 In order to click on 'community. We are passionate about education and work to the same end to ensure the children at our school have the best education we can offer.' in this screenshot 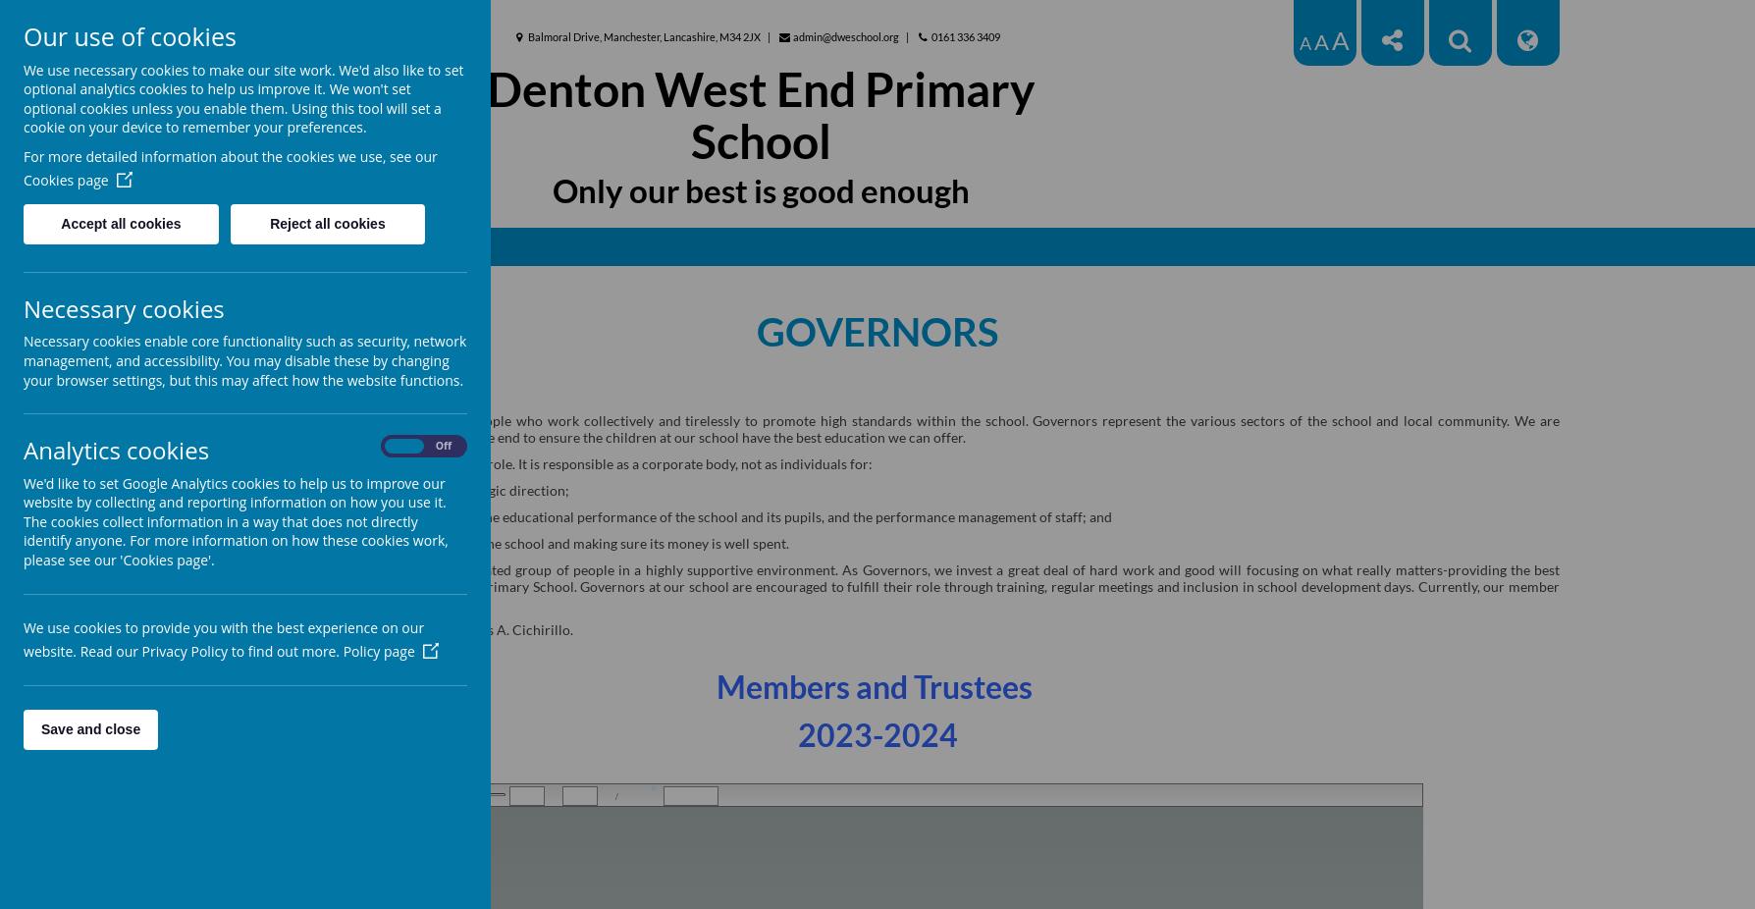, I will do `click(877, 427)`.